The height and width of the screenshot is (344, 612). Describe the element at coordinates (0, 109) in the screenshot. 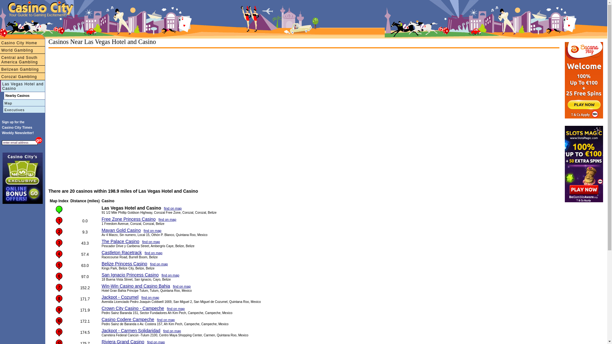

I see `'Executives'` at that location.